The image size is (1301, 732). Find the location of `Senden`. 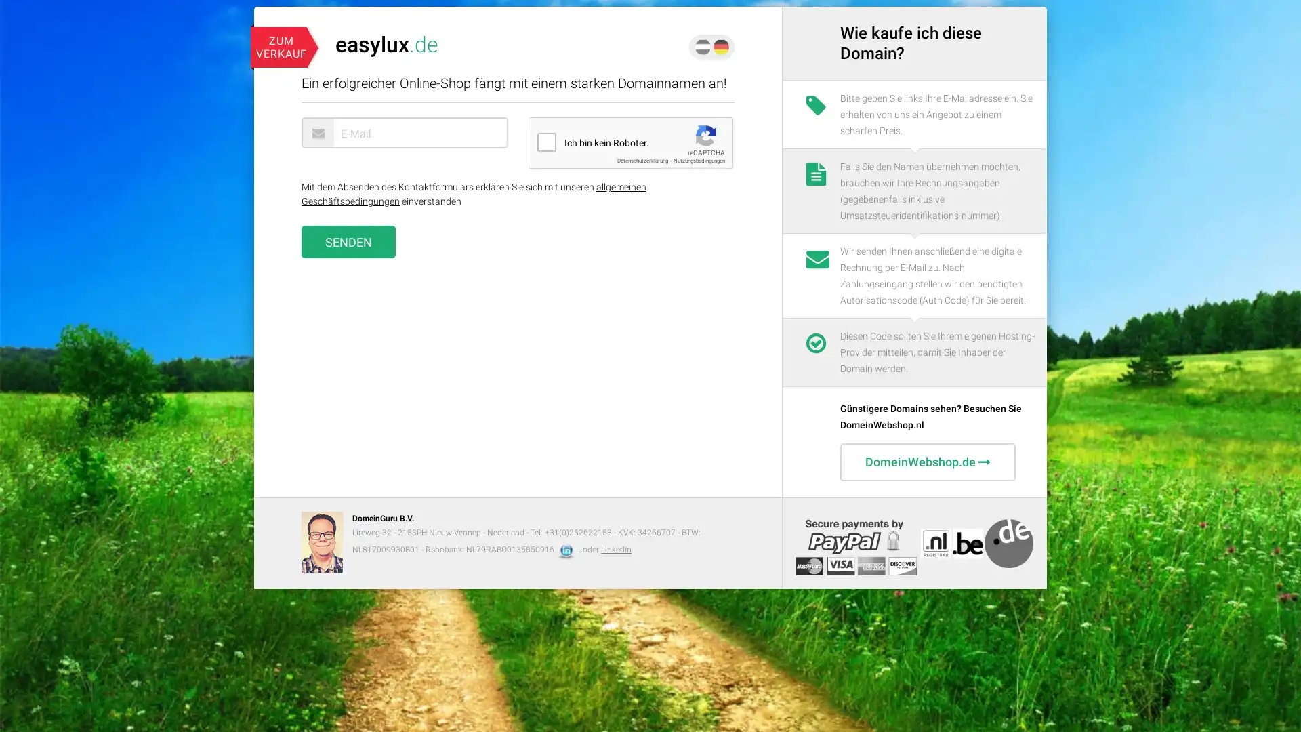

Senden is located at coordinates (348, 241).